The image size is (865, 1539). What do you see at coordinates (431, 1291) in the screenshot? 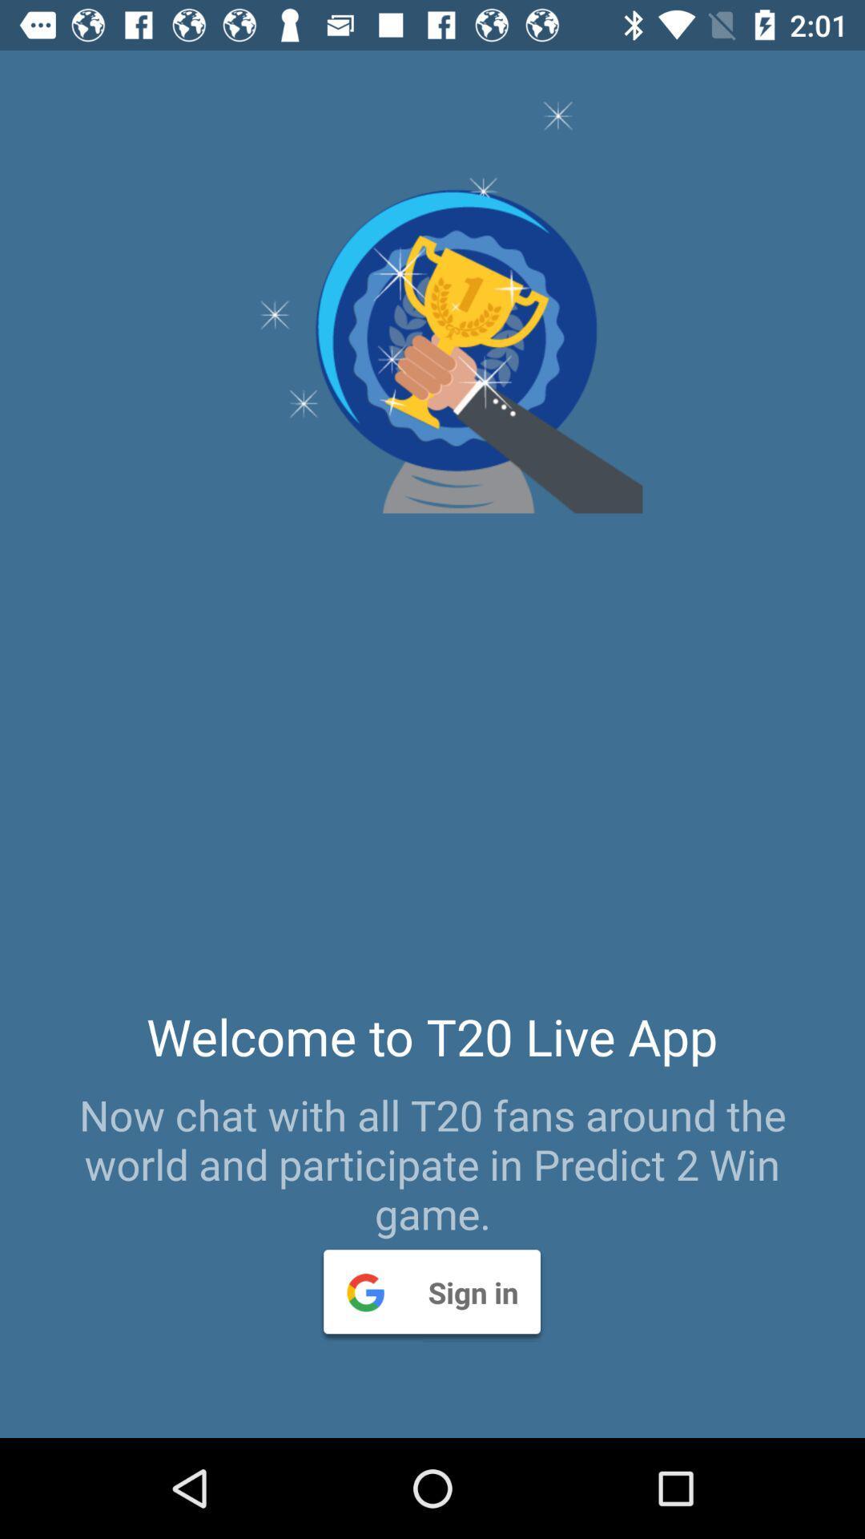
I see `the sign in item` at bounding box center [431, 1291].